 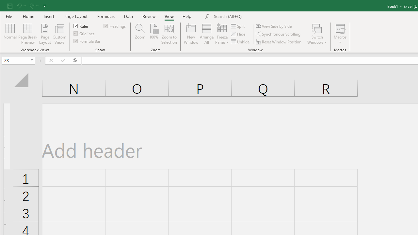 What do you see at coordinates (279, 42) in the screenshot?
I see `'Reset Window Position'` at bounding box center [279, 42].